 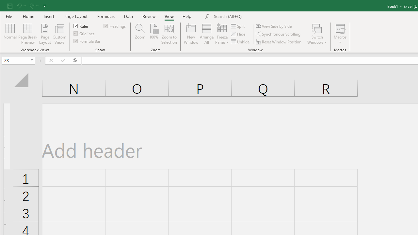 What do you see at coordinates (279, 42) in the screenshot?
I see `'Reset Window Position'` at bounding box center [279, 42].